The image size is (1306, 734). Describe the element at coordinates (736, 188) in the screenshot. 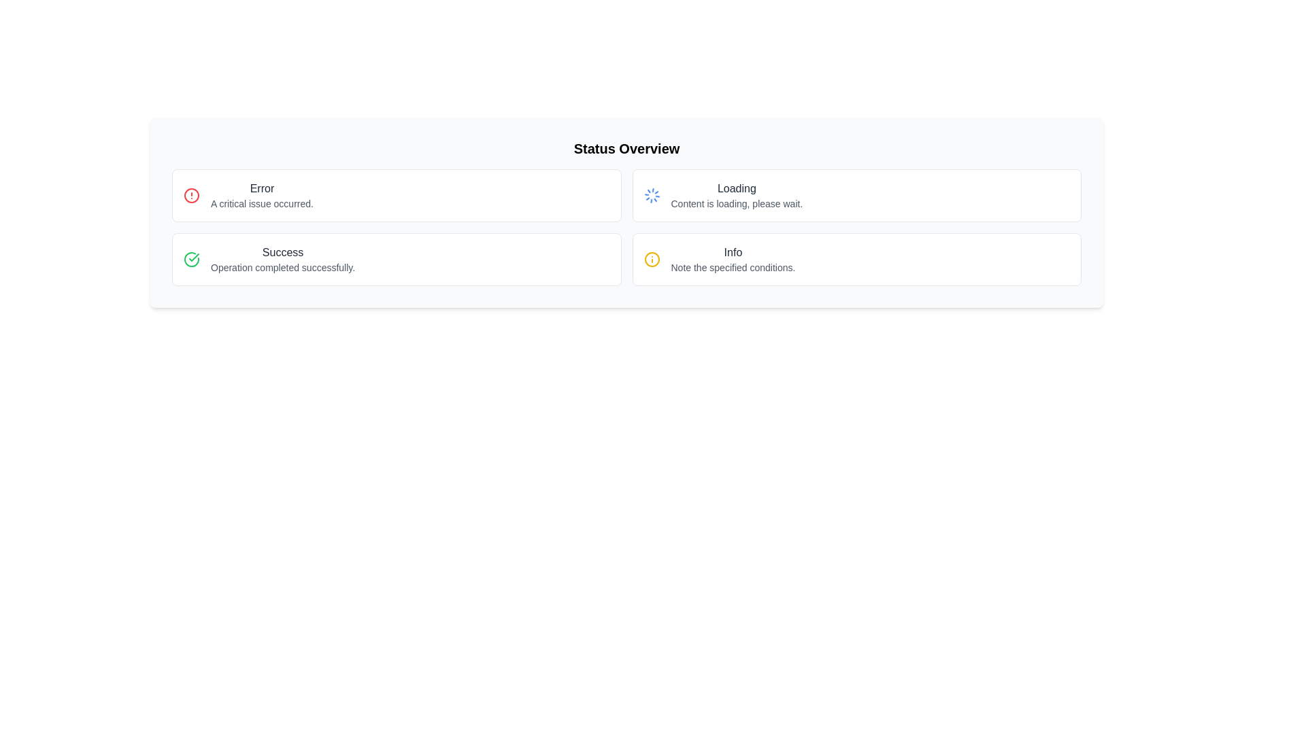

I see `the text label displaying 'Loading' in gray color, located in the top-right region of the main interface, above the subtext 'Content is loading, please wait'` at that location.